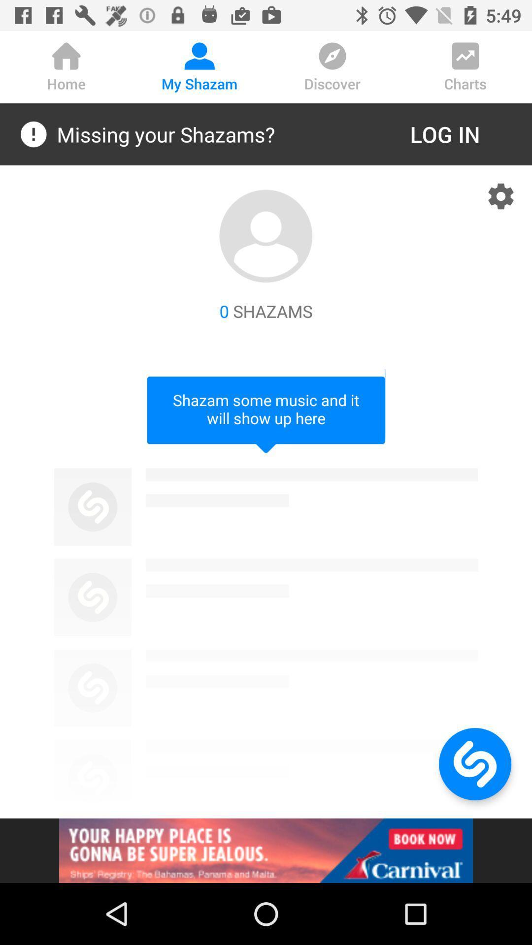  I want to click on look at the settings, so click(501, 196).